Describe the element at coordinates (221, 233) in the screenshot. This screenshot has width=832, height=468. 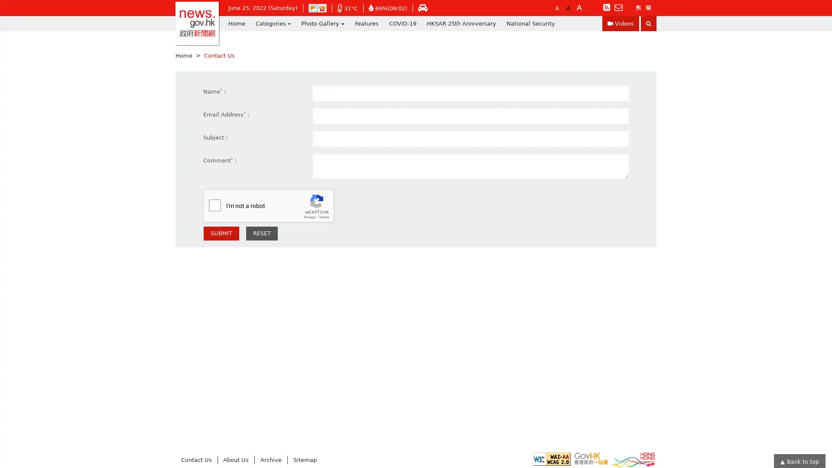
I see `SUBMIT` at that location.